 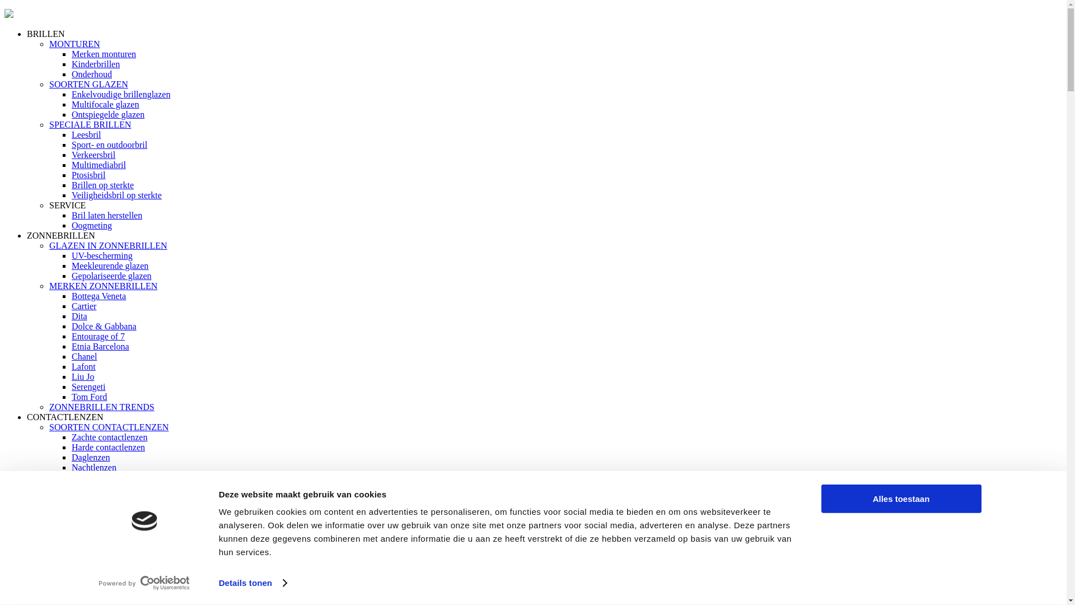 I want to click on 'Starten met lenzen', so click(x=105, y=537).